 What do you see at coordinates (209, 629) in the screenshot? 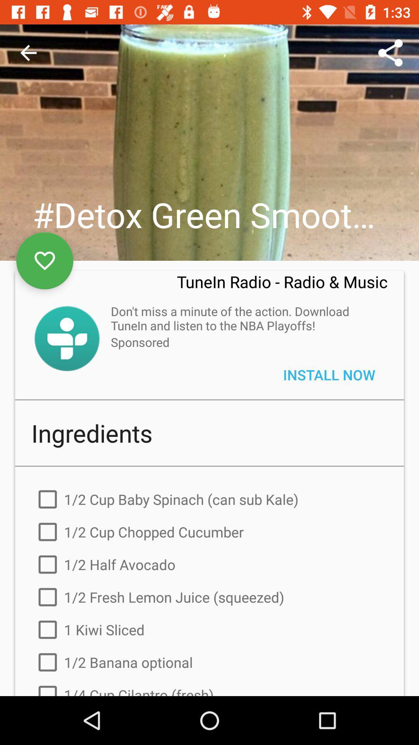
I see `the icon above the 1 2 banana icon` at bounding box center [209, 629].